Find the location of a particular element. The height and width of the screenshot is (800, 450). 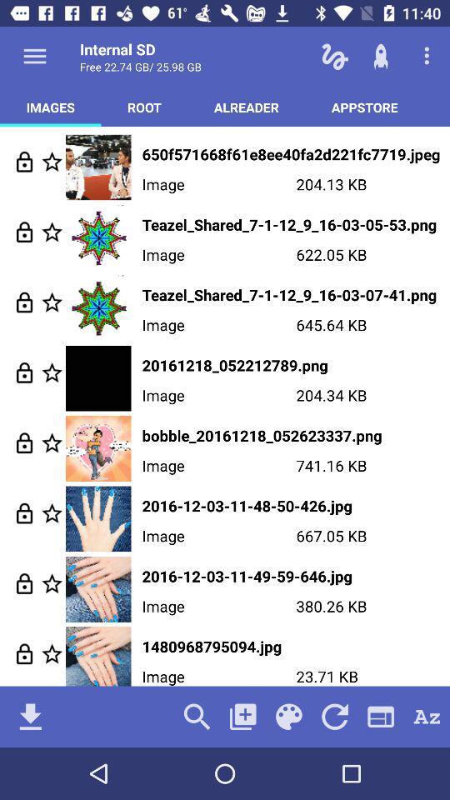

unlock image is located at coordinates (23, 653).